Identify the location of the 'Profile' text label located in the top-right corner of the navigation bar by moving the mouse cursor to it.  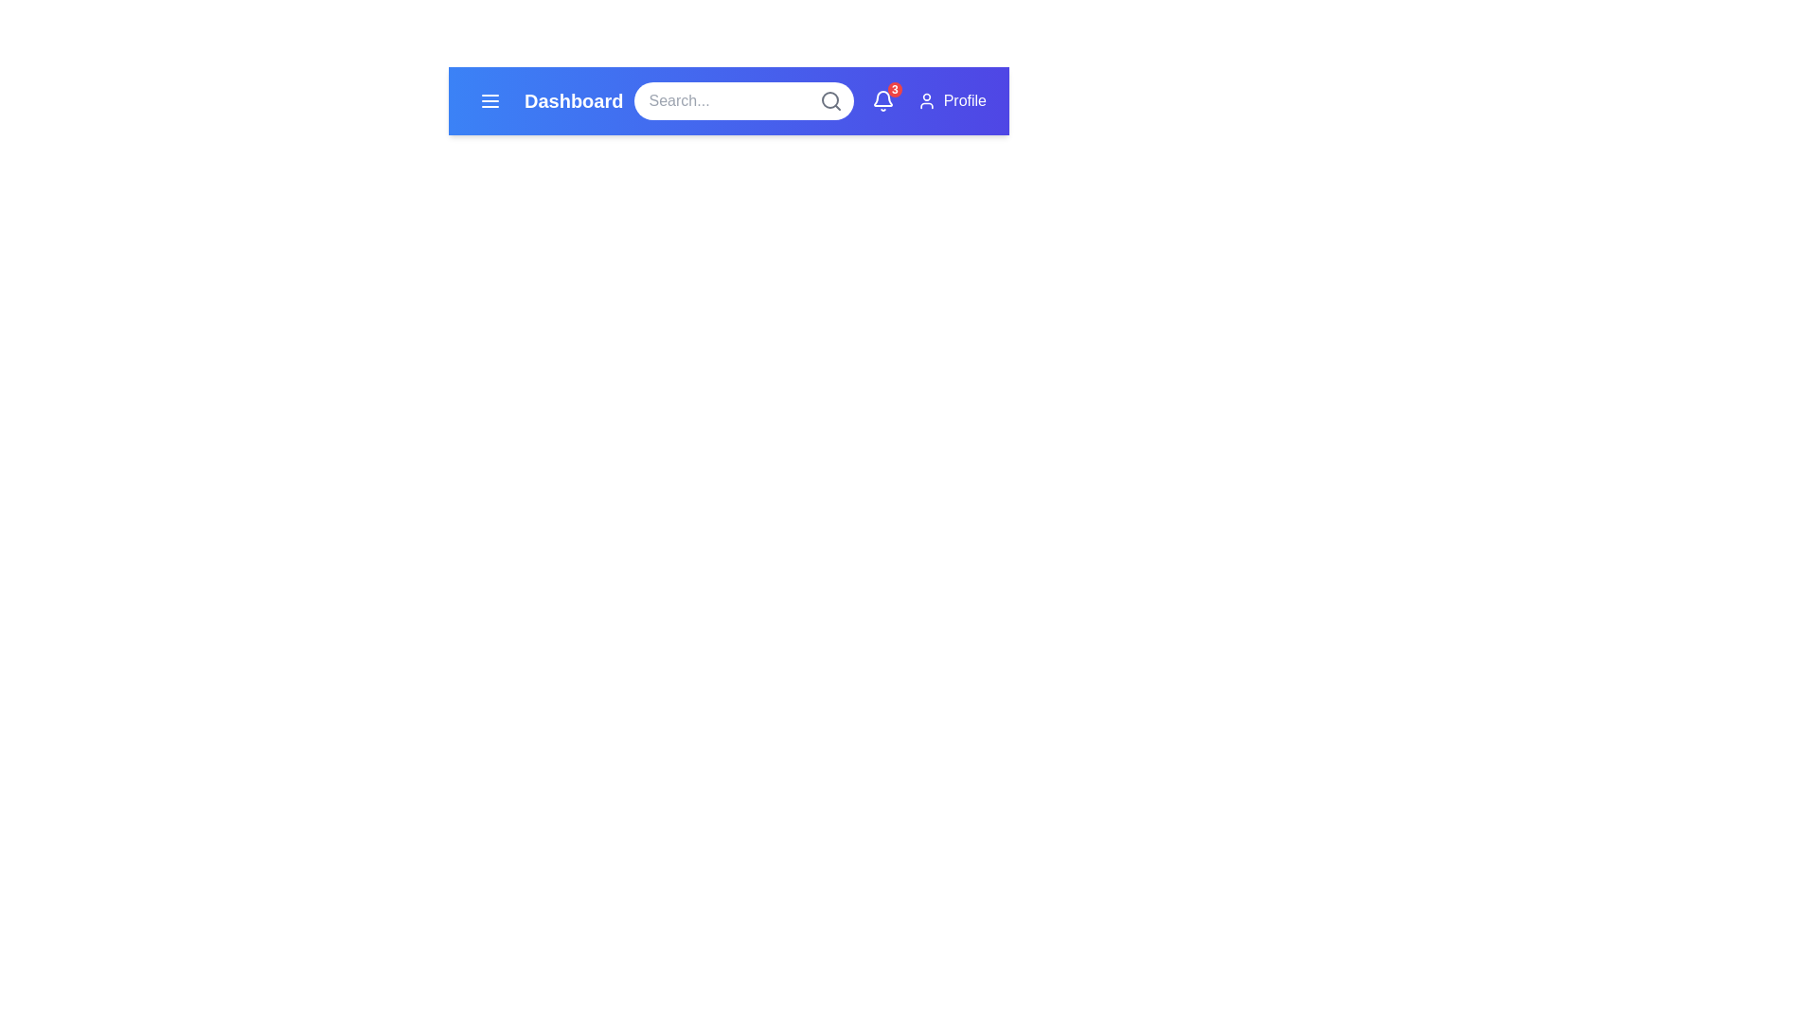
(965, 101).